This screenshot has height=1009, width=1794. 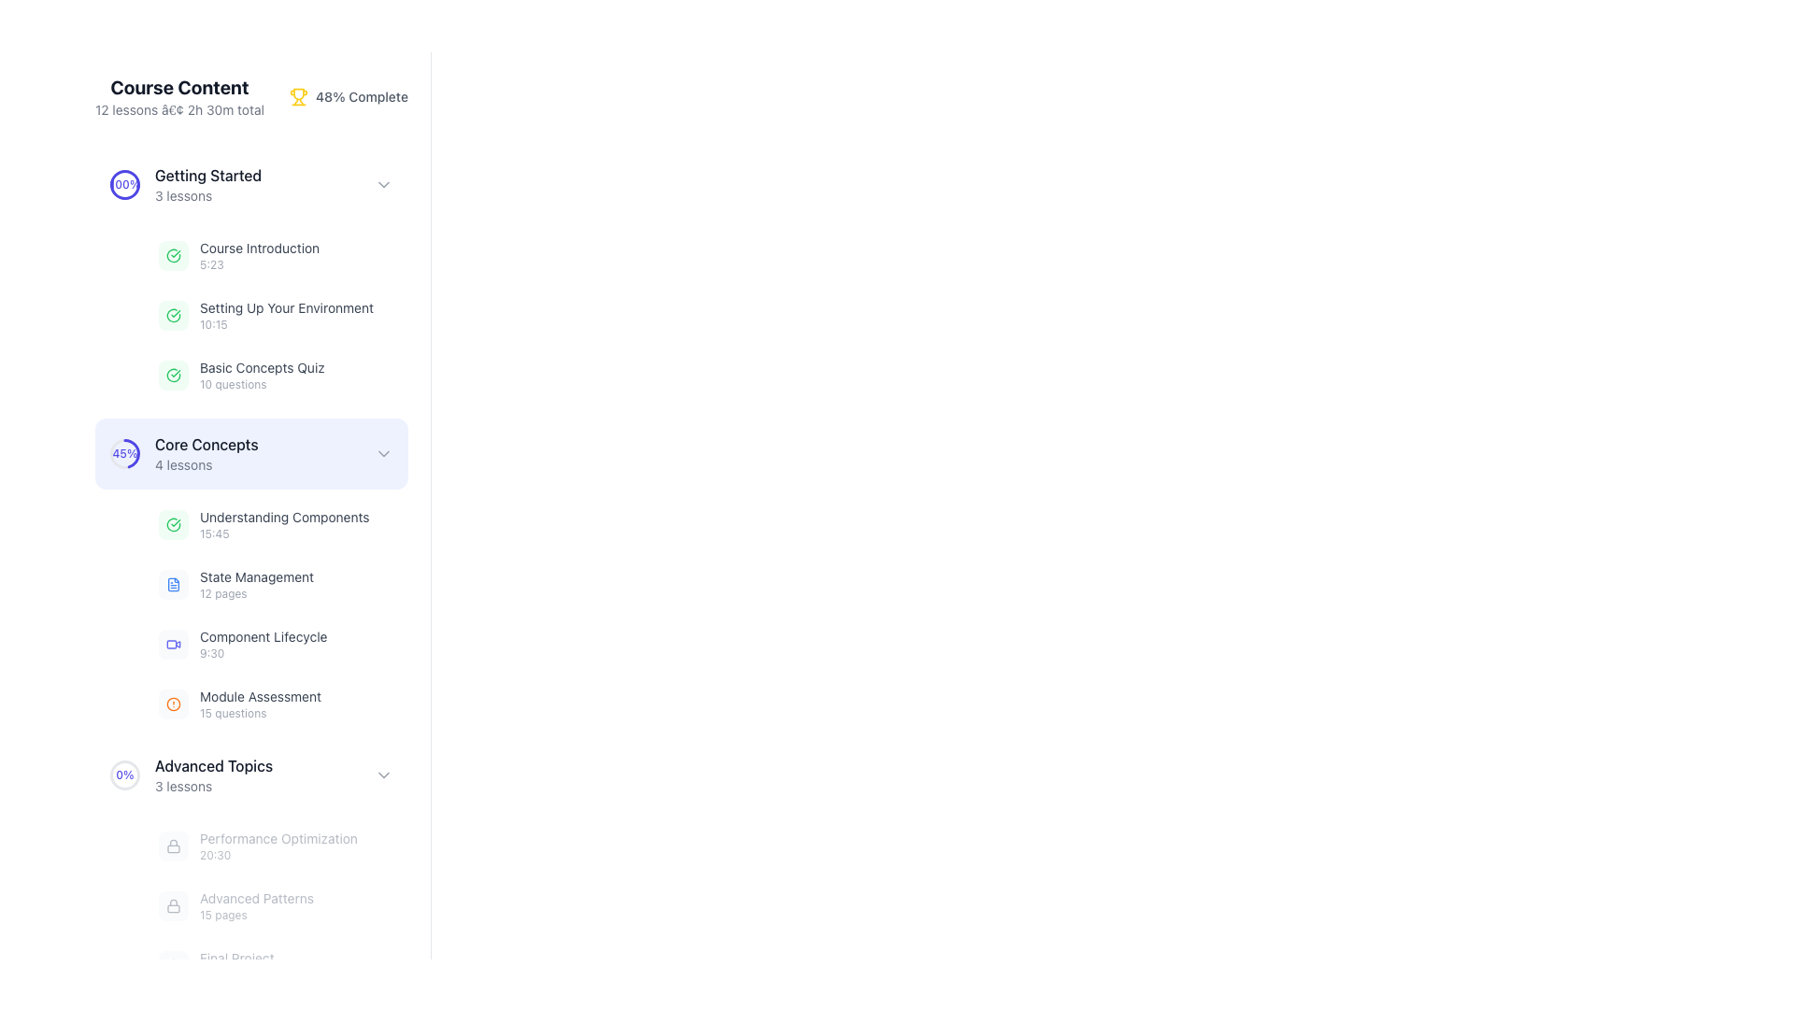 What do you see at coordinates (286, 307) in the screenshot?
I see `the text label for the lesson title in the 'Getting Started' section, which is the second item in the course listing between 'Course Introduction' and 'Basic Concepts Quiz'` at bounding box center [286, 307].